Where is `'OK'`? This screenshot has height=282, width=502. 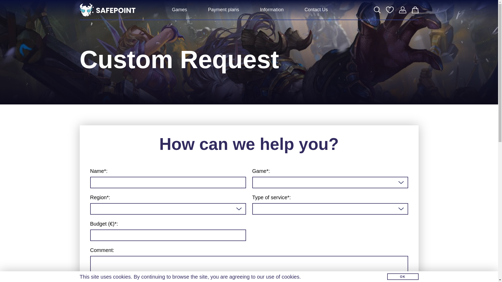 'OK' is located at coordinates (402, 276).